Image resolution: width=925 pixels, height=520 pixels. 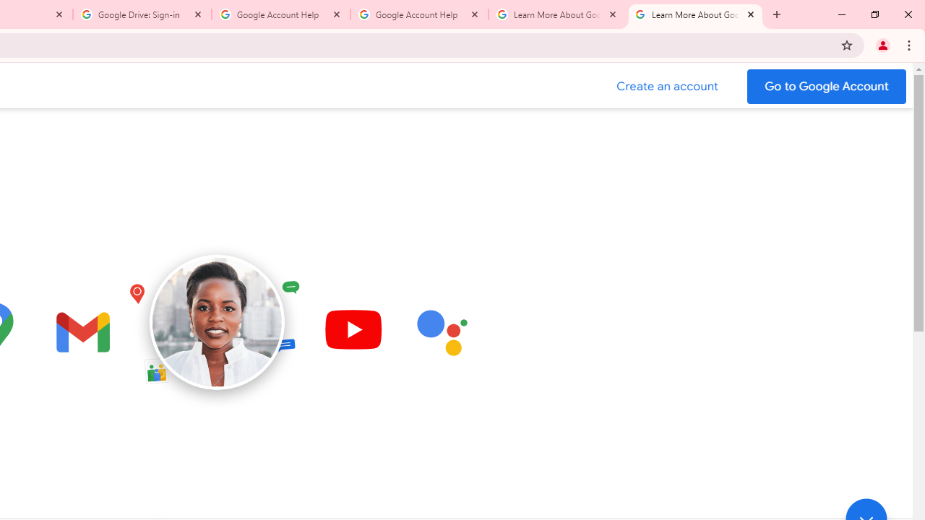 What do you see at coordinates (142, 14) in the screenshot?
I see `'Google Drive: Sign-in'` at bounding box center [142, 14].